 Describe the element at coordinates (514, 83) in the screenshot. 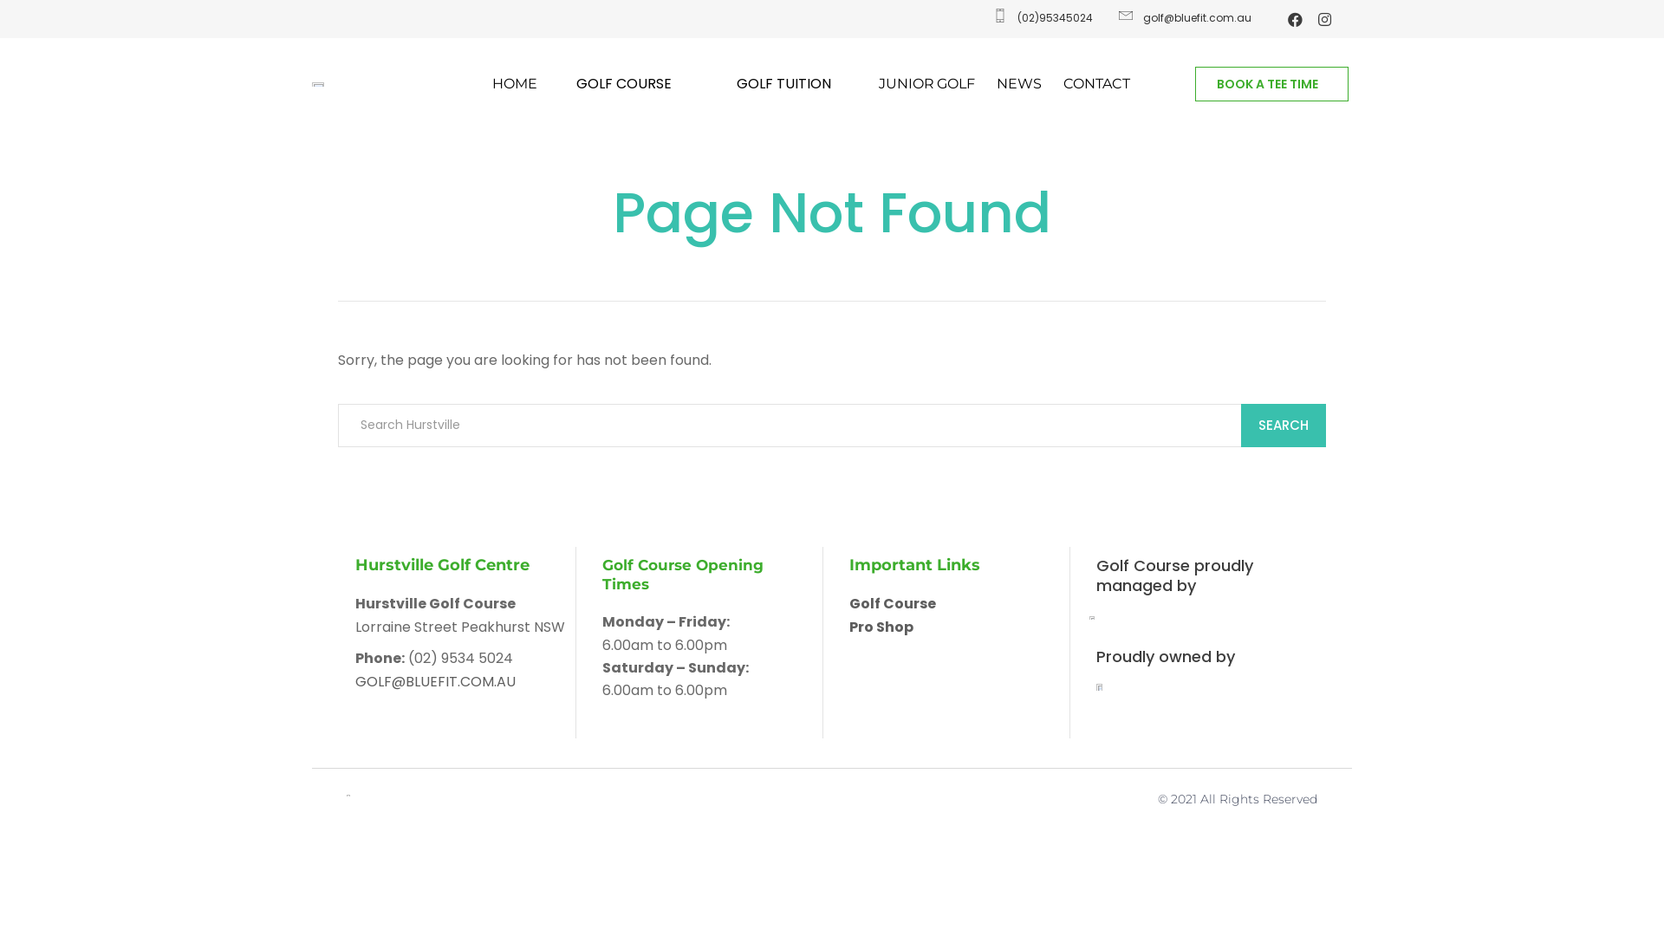

I see `'HOME'` at that location.